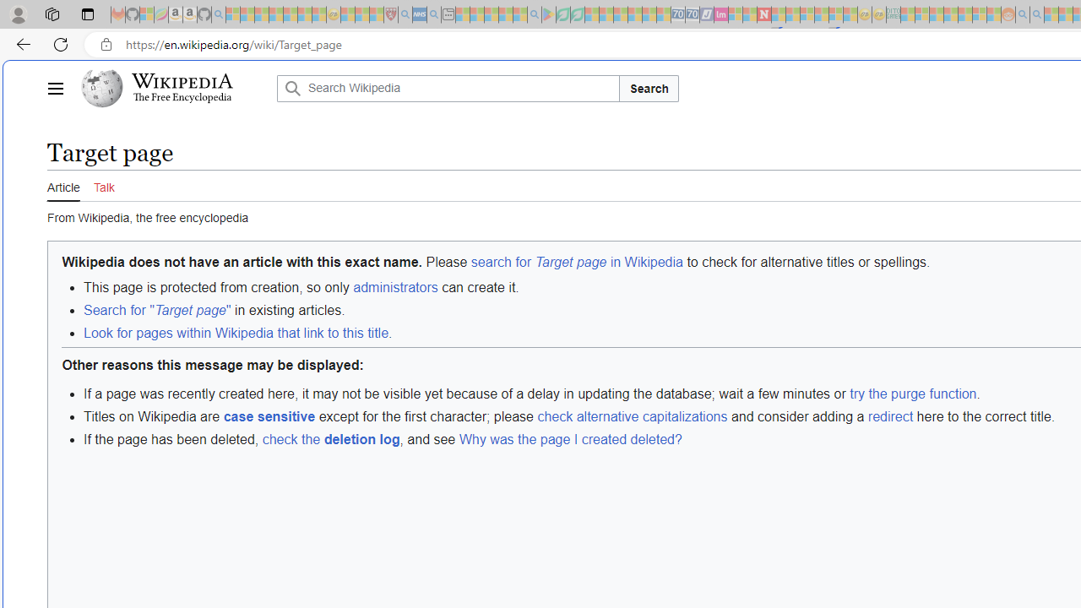 The width and height of the screenshot is (1081, 608). Describe the element at coordinates (921, 14) in the screenshot. I see `'Microsoft account | Privacy - Sleeping'` at that location.